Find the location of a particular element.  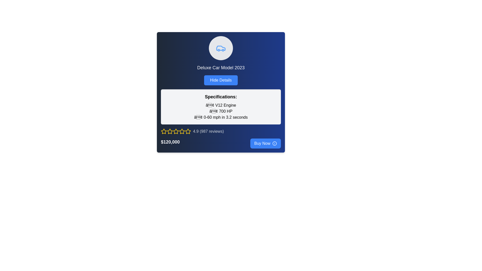

the textual representation of the rating score and number of reviews, which is located to the right of the yellow rating stars in the card interface is located at coordinates (208, 131).